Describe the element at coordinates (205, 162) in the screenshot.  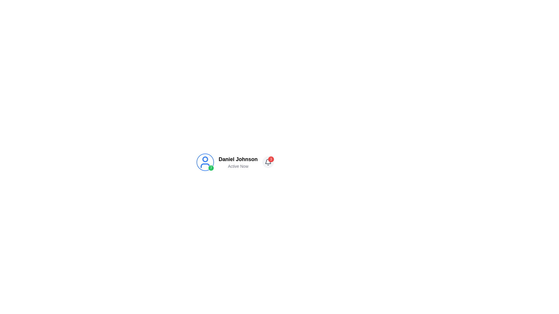
I see `the User Avatar with Status Indicator, which is a circular icon with a blue outline and a user silhouette` at that location.